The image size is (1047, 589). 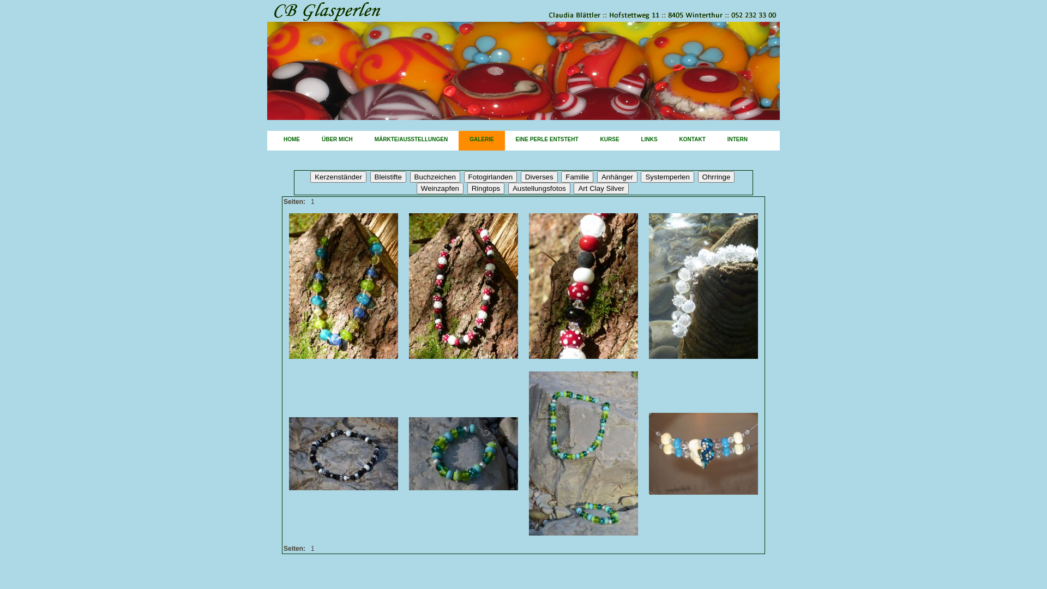 What do you see at coordinates (485, 188) in the screenshot?
I see `'Ringtops'` at bounding box center [485, 188].